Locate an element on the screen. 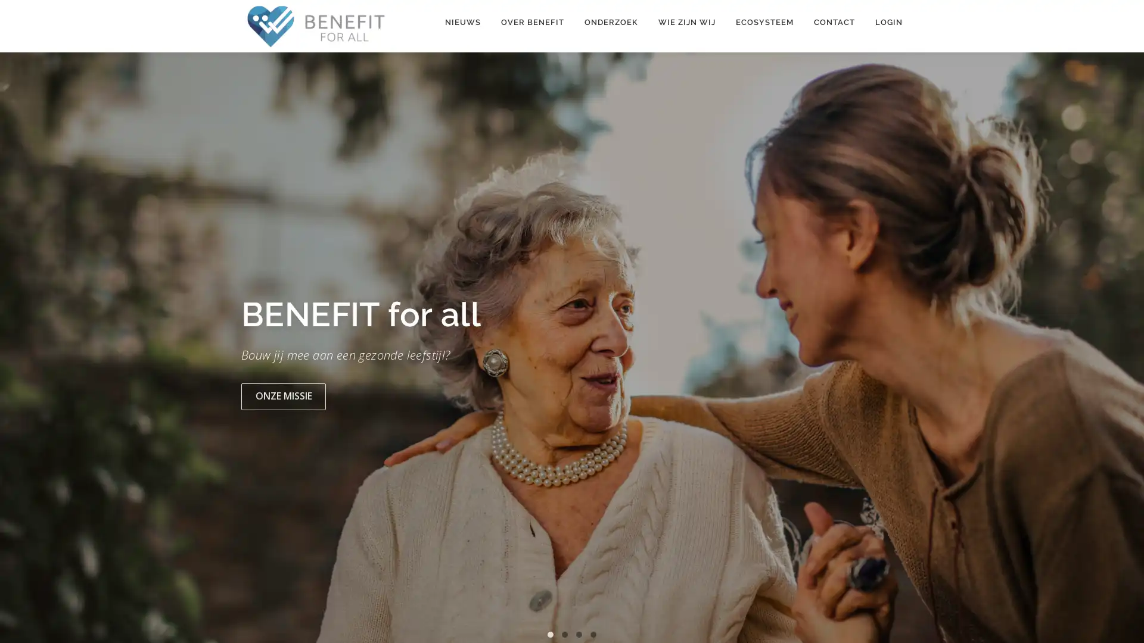  Next is located at coordinates (1121, 351).